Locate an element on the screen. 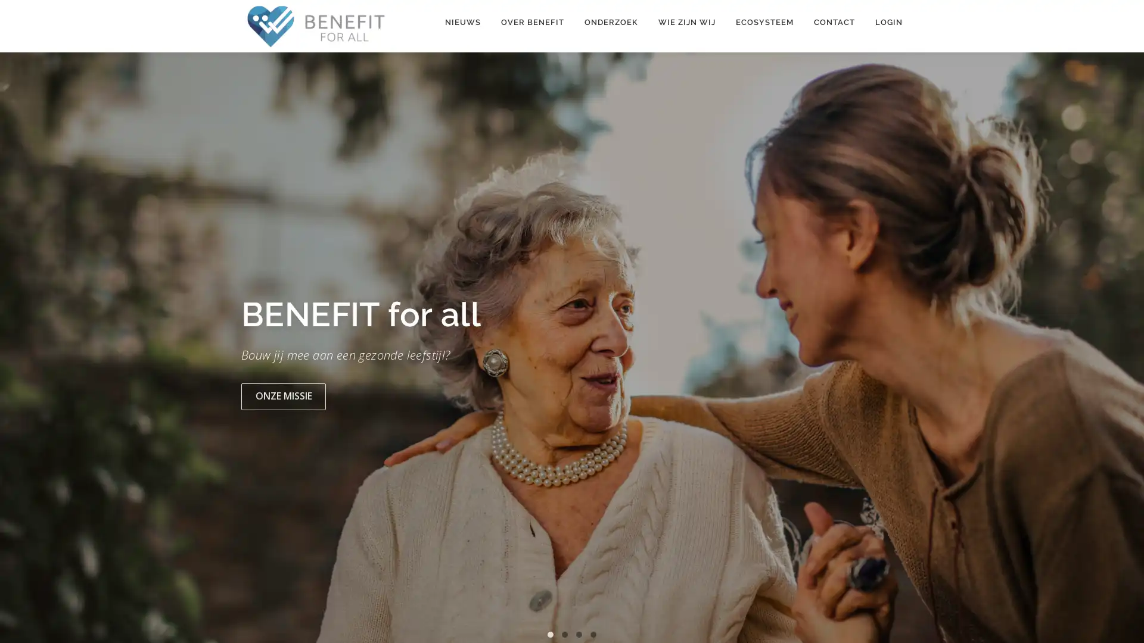  Next is located at coordinates (1121, 351).